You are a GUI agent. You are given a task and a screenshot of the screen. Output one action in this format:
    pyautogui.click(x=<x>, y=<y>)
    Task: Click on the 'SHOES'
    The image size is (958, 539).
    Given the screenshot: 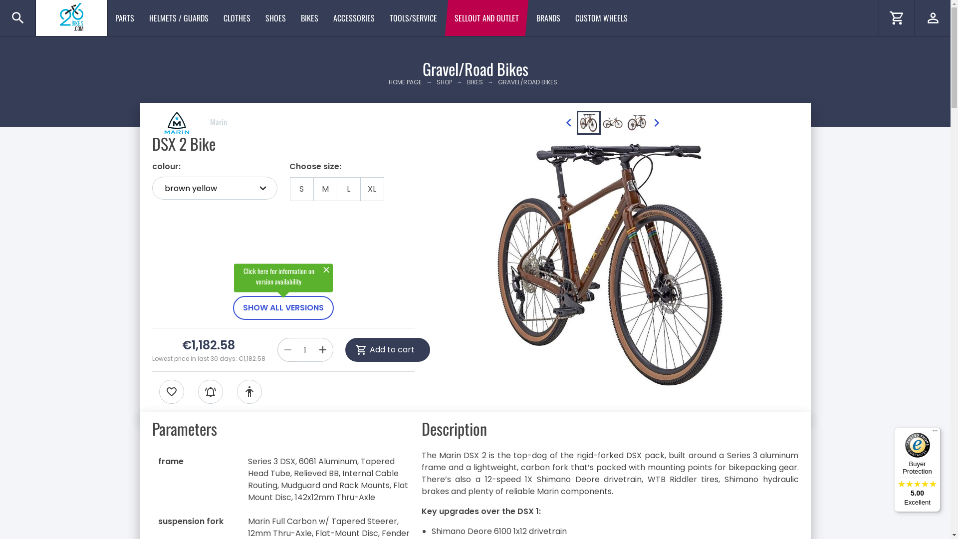 What is the action you would take?
    pyautogui.click(x=275, y=17)
    